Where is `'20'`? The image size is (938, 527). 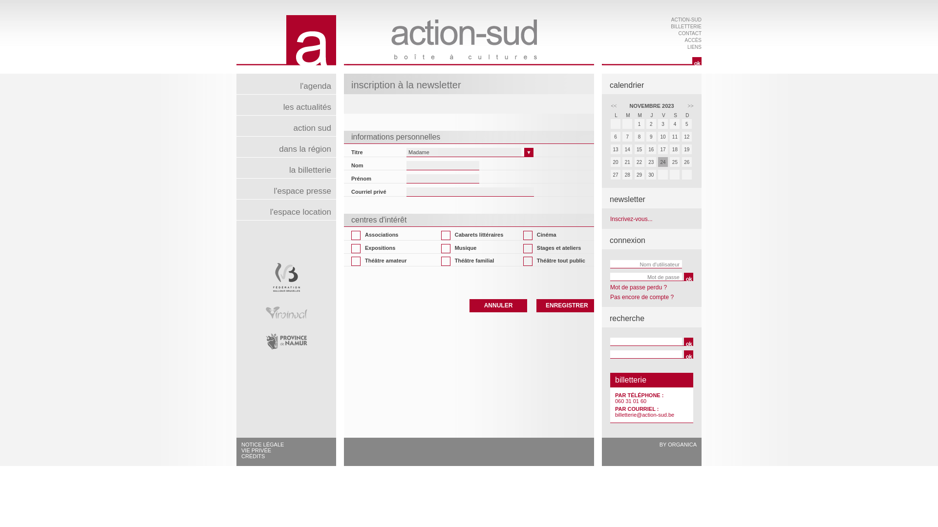
'20' is located at coordinates (609, 162).